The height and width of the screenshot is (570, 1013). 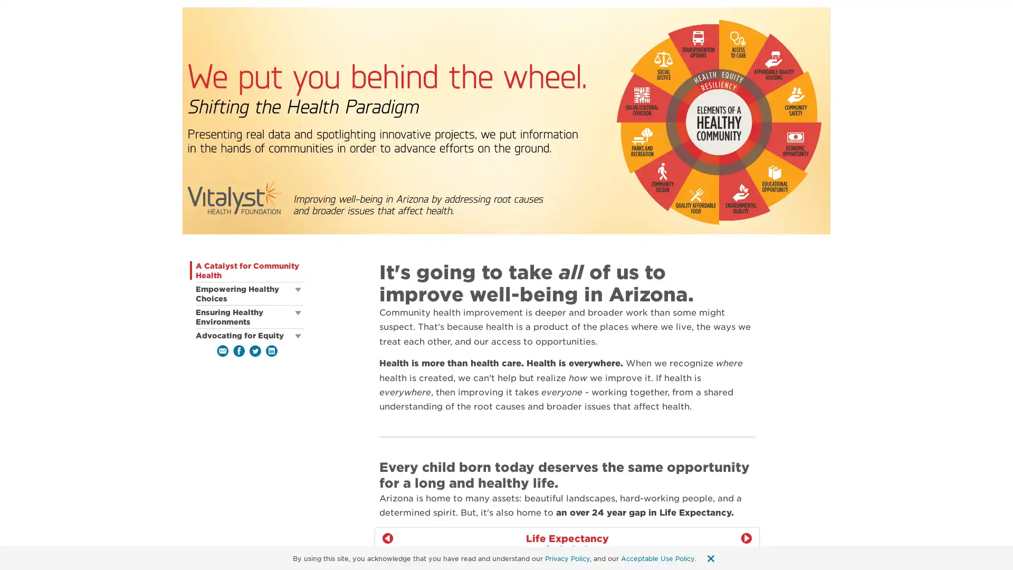 I want to click on carousel screen indicator, so click(x=548, y=548).